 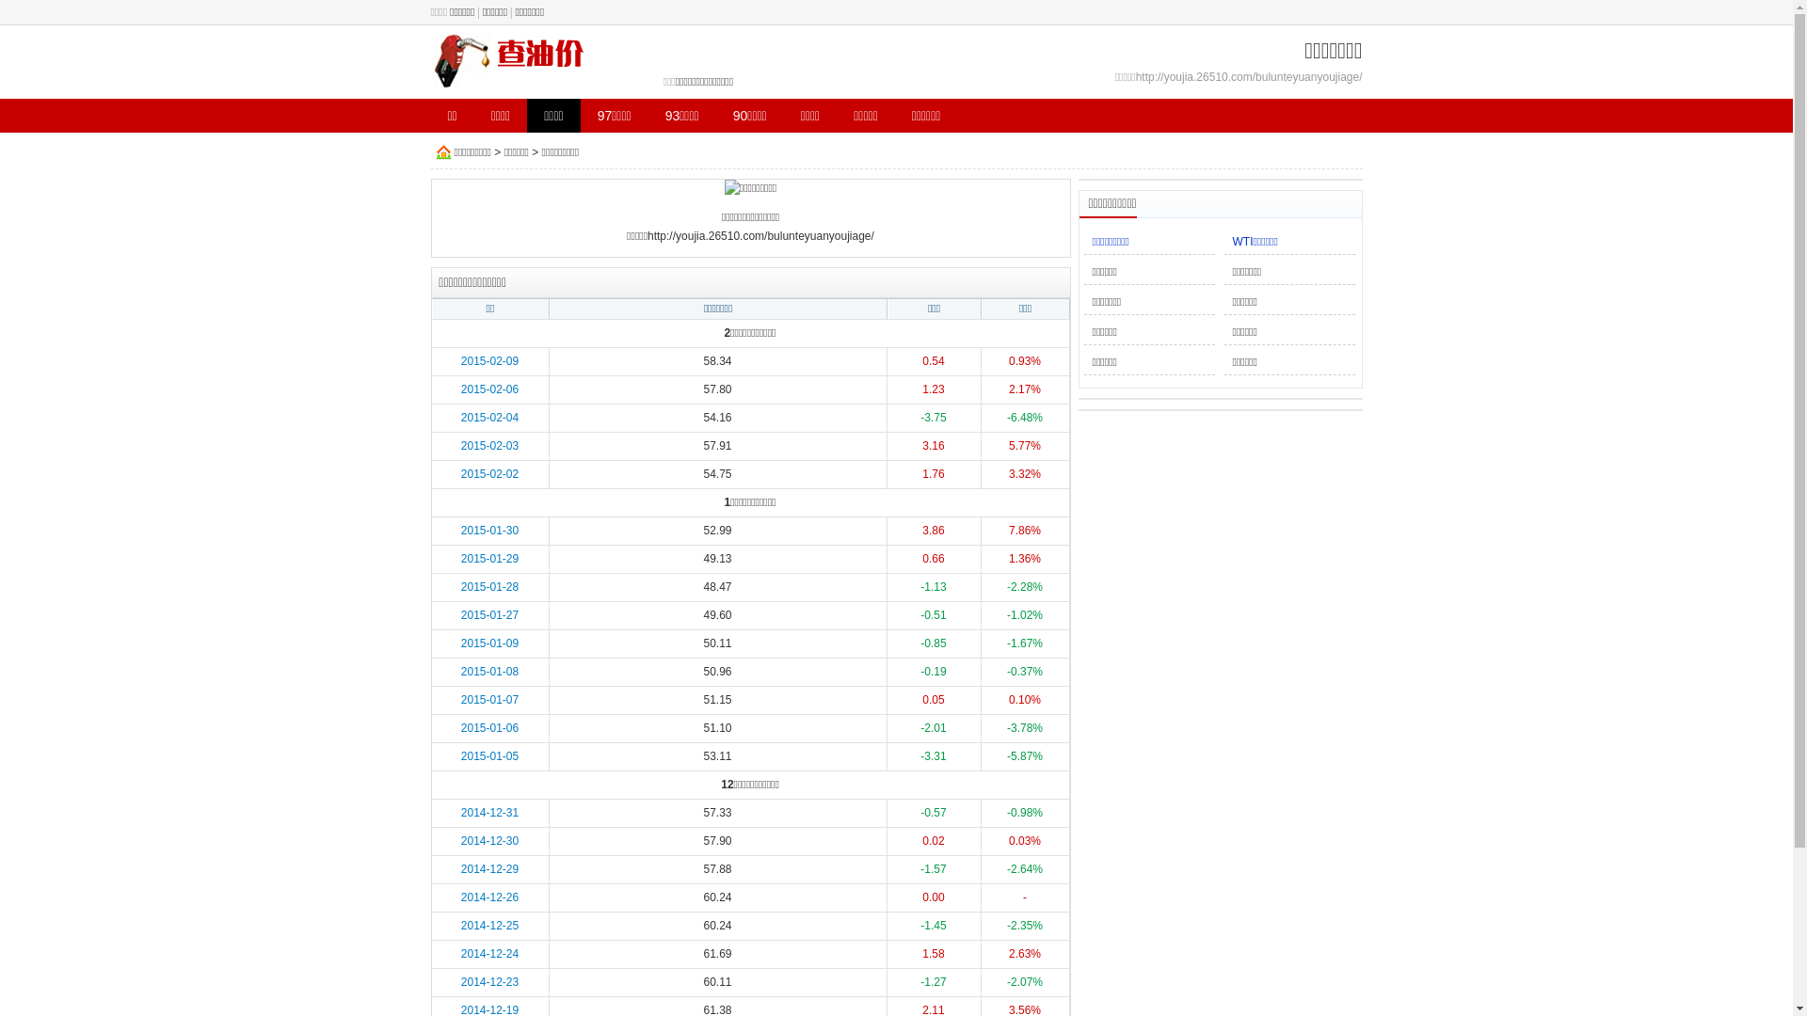 I want to click on '2015-01-08', so click(x=460, y=670).